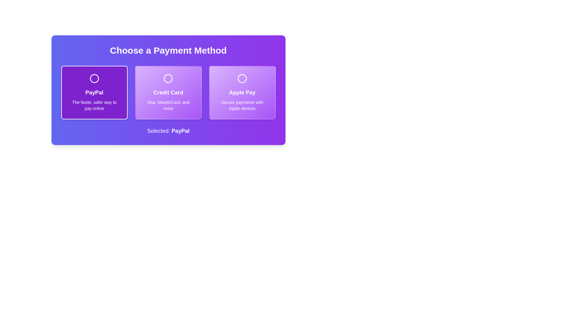  Describe the element at coordinates (242, 78) in the screenshot. I see `the circular selection indicator for the 'Apple Pay' payment method option, which is part of a radio-style selection mechanism` at that location.